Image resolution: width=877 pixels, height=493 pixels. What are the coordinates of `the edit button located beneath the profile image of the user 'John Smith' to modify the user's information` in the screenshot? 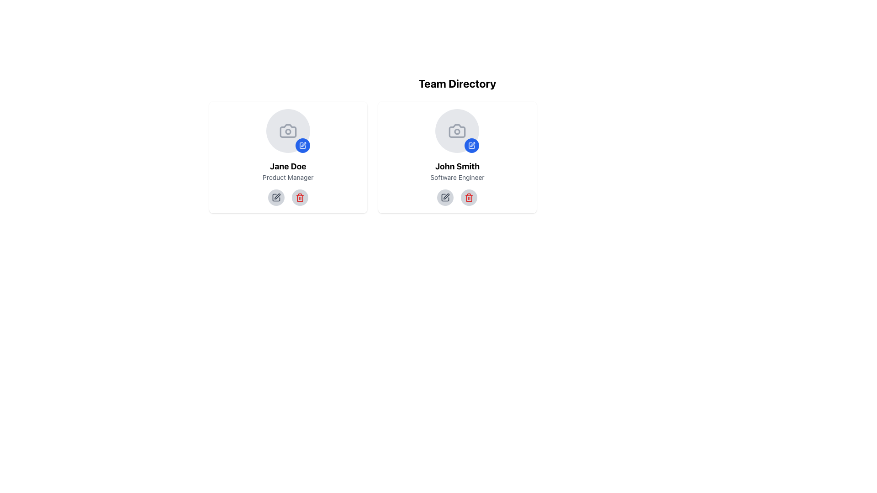 It's located at (445, 197).